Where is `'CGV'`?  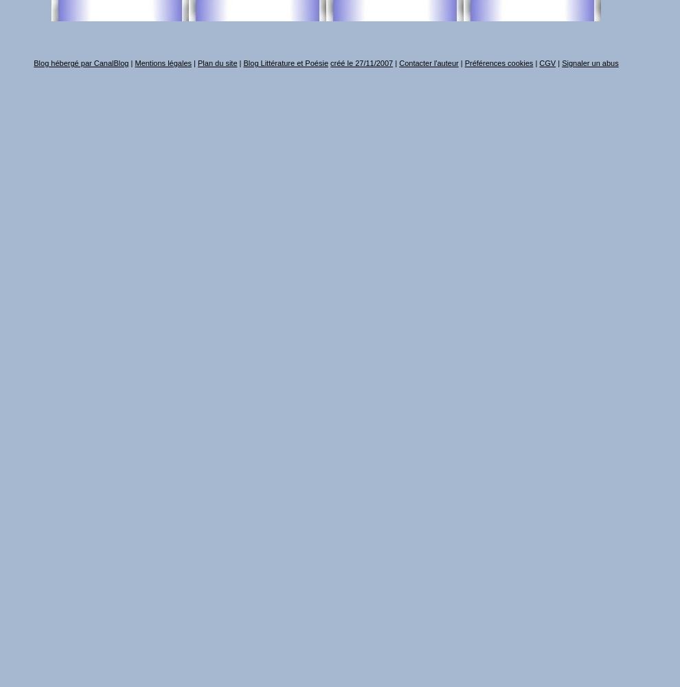
'CGV' is located at coordinates (547, 63).